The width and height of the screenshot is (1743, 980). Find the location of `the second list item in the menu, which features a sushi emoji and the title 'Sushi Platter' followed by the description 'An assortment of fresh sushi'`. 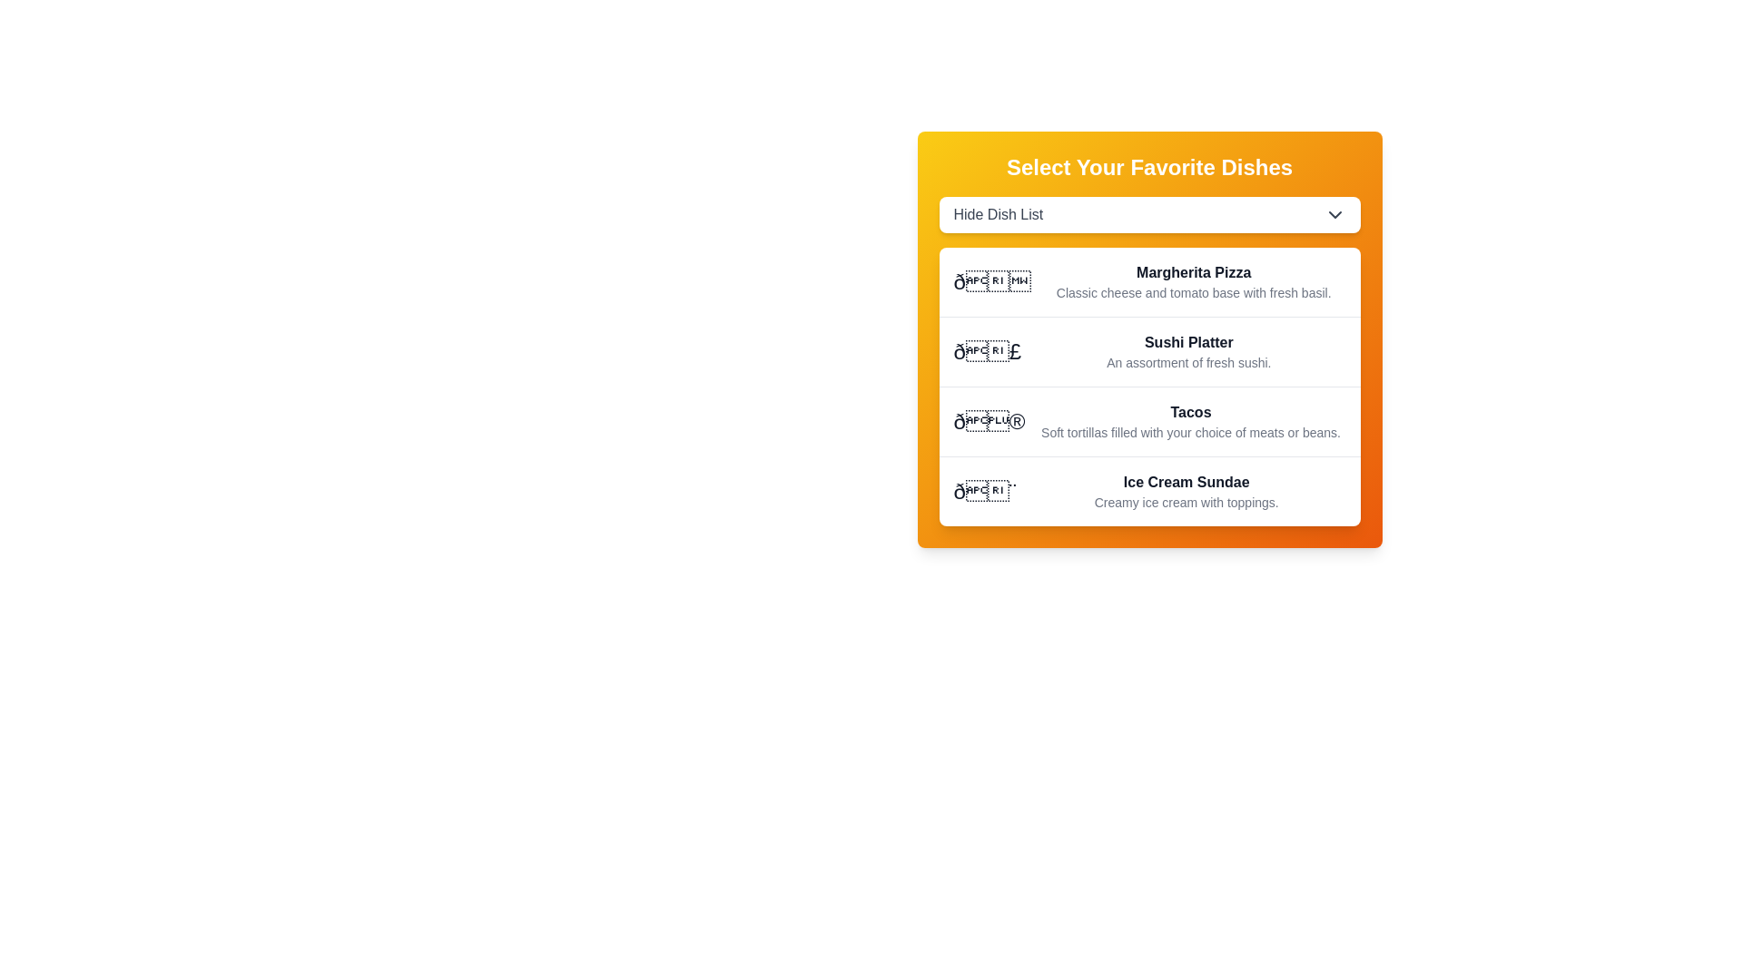

the second list item in the menu, which features a sushi emoji and the title 'Sushi Platter' followed by the description 'An assortment of fresh sushi' is located at coordinates (1148, 351).